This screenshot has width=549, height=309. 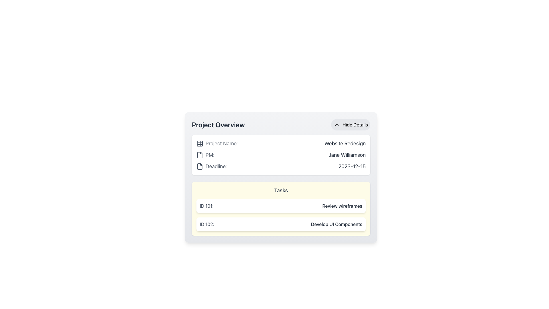 I want to click on the text label displaying 'Deadline:' which is positioned before the date '2023-12-15' in the project details section, so click(x=211, y=167).